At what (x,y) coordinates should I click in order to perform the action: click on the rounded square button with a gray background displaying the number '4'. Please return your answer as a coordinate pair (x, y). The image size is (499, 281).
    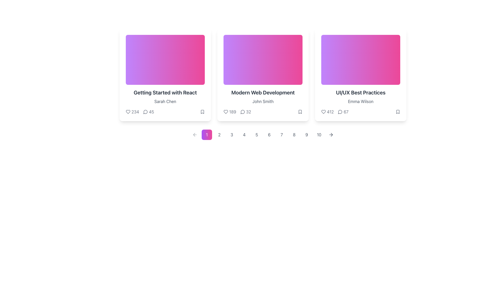
    Looking at the image, I should click on (244, 134).